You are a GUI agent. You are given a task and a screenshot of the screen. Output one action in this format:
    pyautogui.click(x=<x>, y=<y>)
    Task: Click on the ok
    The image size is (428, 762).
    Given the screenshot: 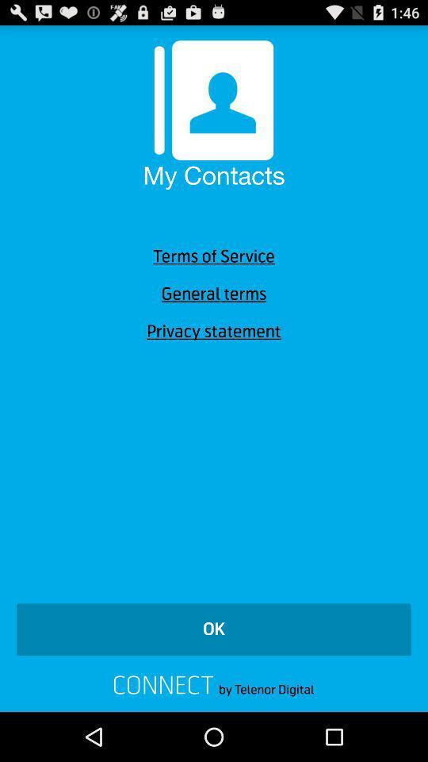 What is the action you would take?
    pyautogui.click(x=214, y=629)
    